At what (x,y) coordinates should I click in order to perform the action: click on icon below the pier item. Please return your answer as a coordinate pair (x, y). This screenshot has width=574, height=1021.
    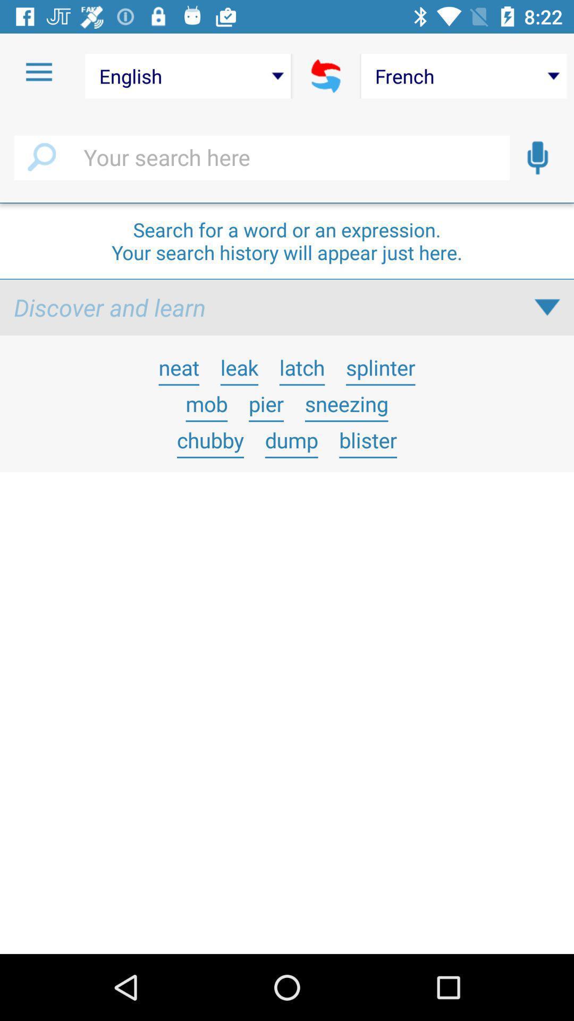
    Looking at the image, I should click on (291, 440).